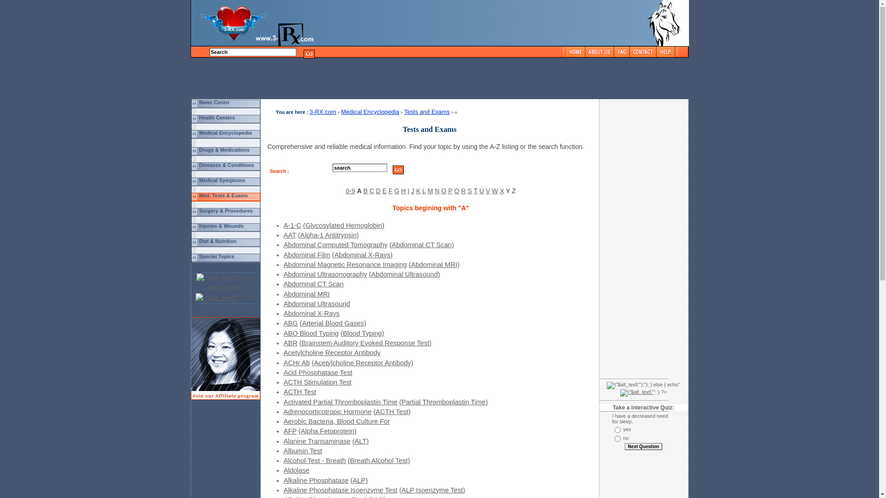 The width and height of the screenshot is (886, 498). What do you see at coordinates (332, 255) in the screenshot?
I see `'(Abdominal X-Rays)'` at bounding box center [332, 255].